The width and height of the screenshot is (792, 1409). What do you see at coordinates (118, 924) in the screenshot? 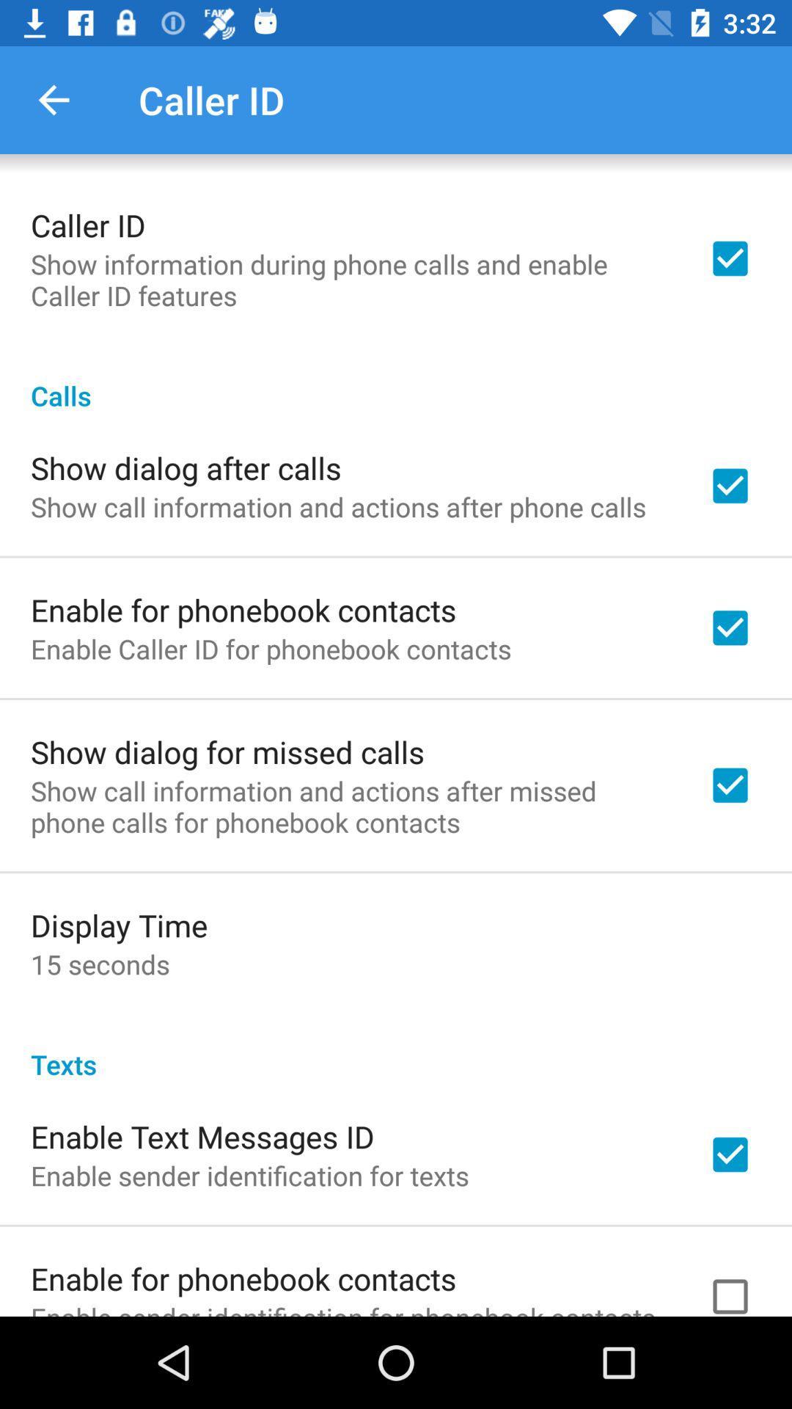
I see `the display time` at bounding box center [118, 924].